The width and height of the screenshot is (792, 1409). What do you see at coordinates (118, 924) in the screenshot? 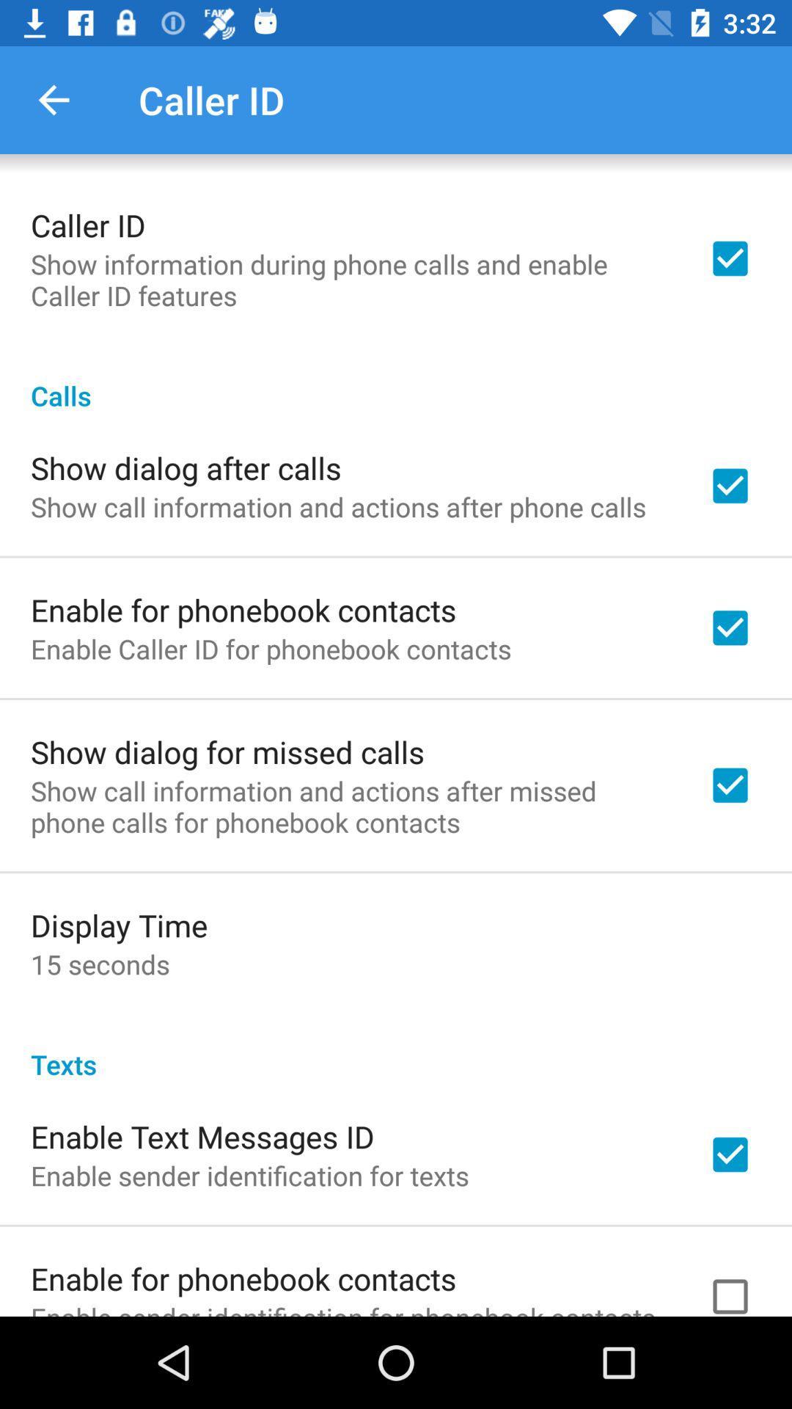
I see `the display time` at bounding box center [118, 924].